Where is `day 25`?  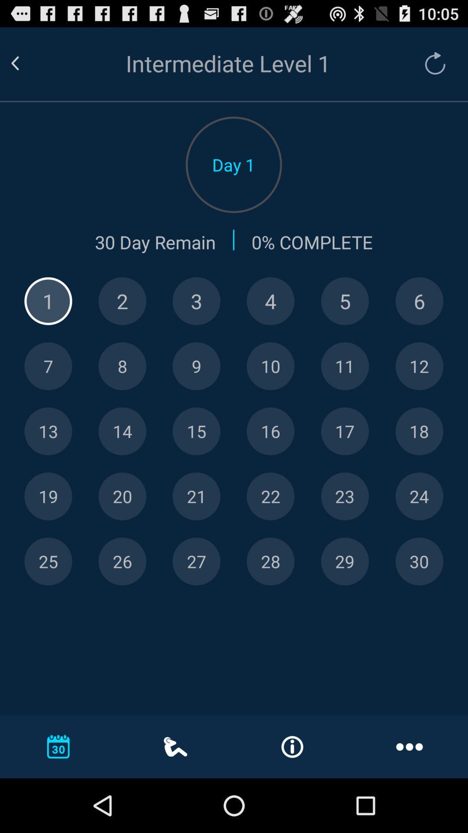 day 25 is located at coordinates (48, 561).